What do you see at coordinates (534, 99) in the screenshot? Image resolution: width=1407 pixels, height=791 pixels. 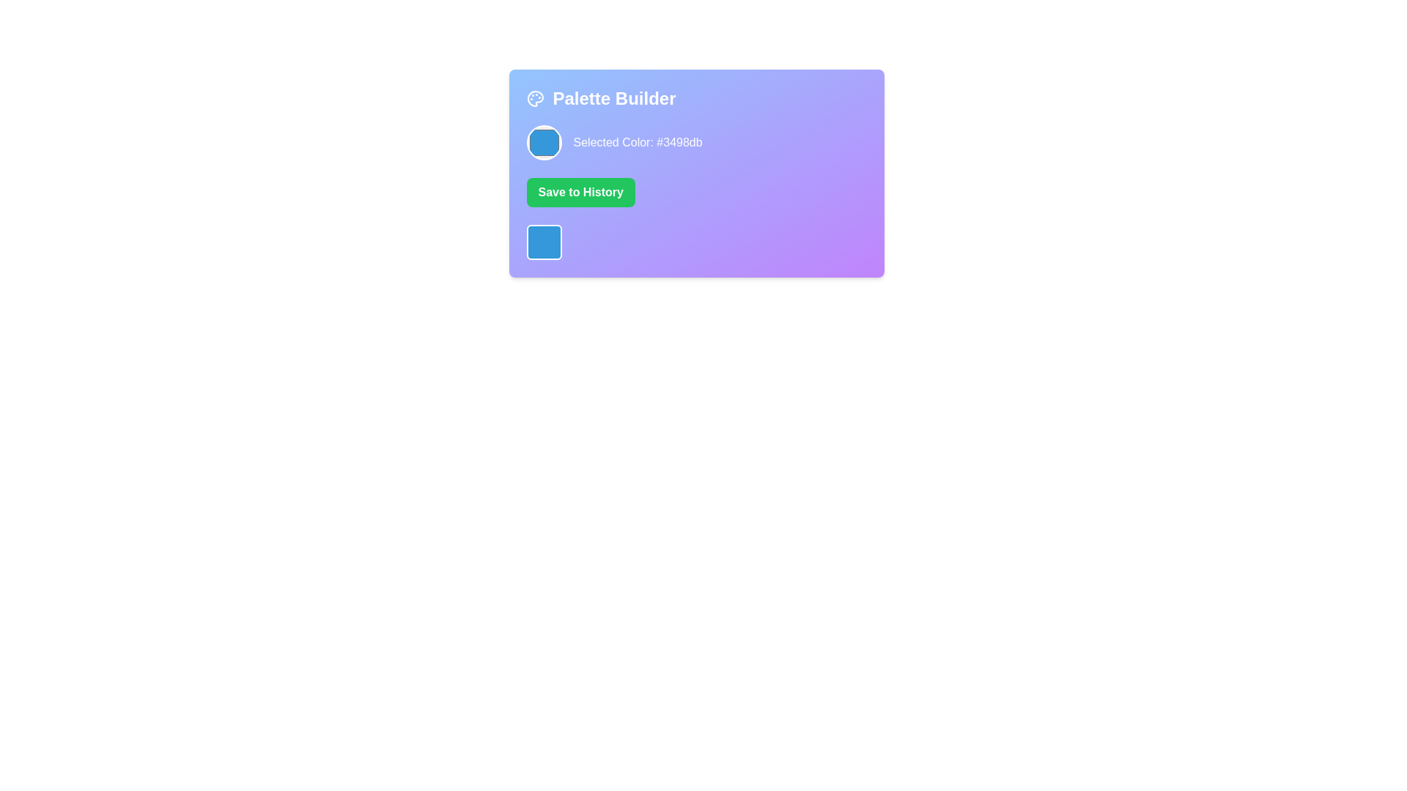 I see `the abstract palette icon located in the top-left section of the 'Palette Builder' card, positioned above the text 'Selected Color: #3498db'` at bounding box center [534, 99].